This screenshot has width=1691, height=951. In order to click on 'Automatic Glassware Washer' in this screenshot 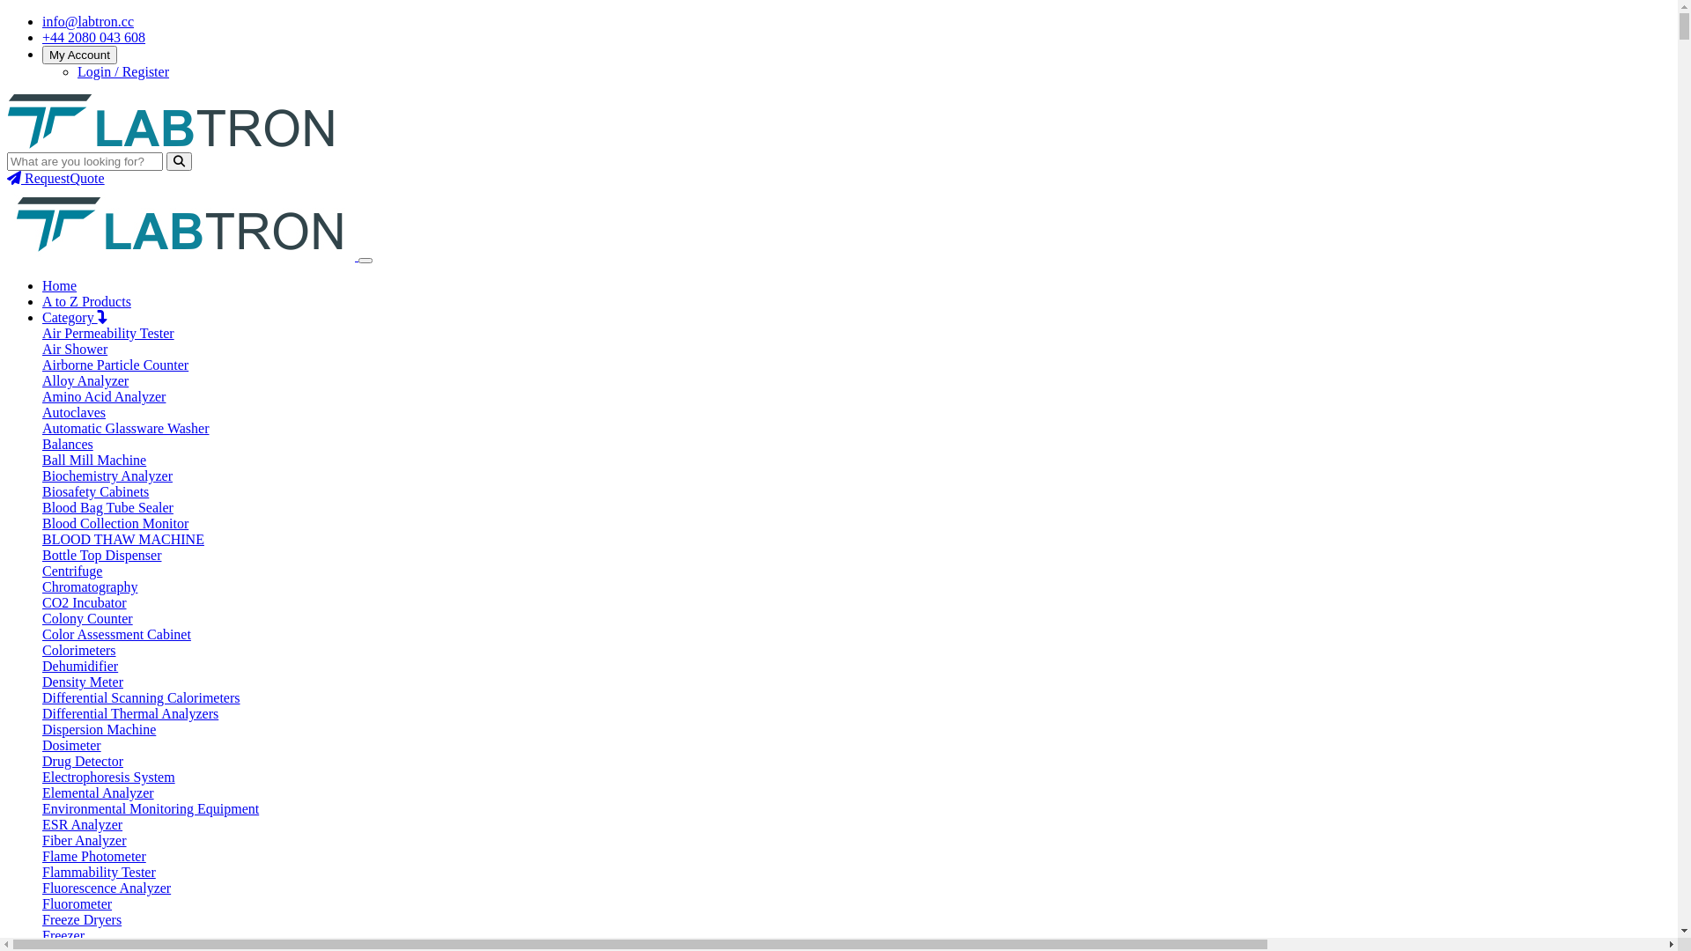, I will do `click(124, 428)`.